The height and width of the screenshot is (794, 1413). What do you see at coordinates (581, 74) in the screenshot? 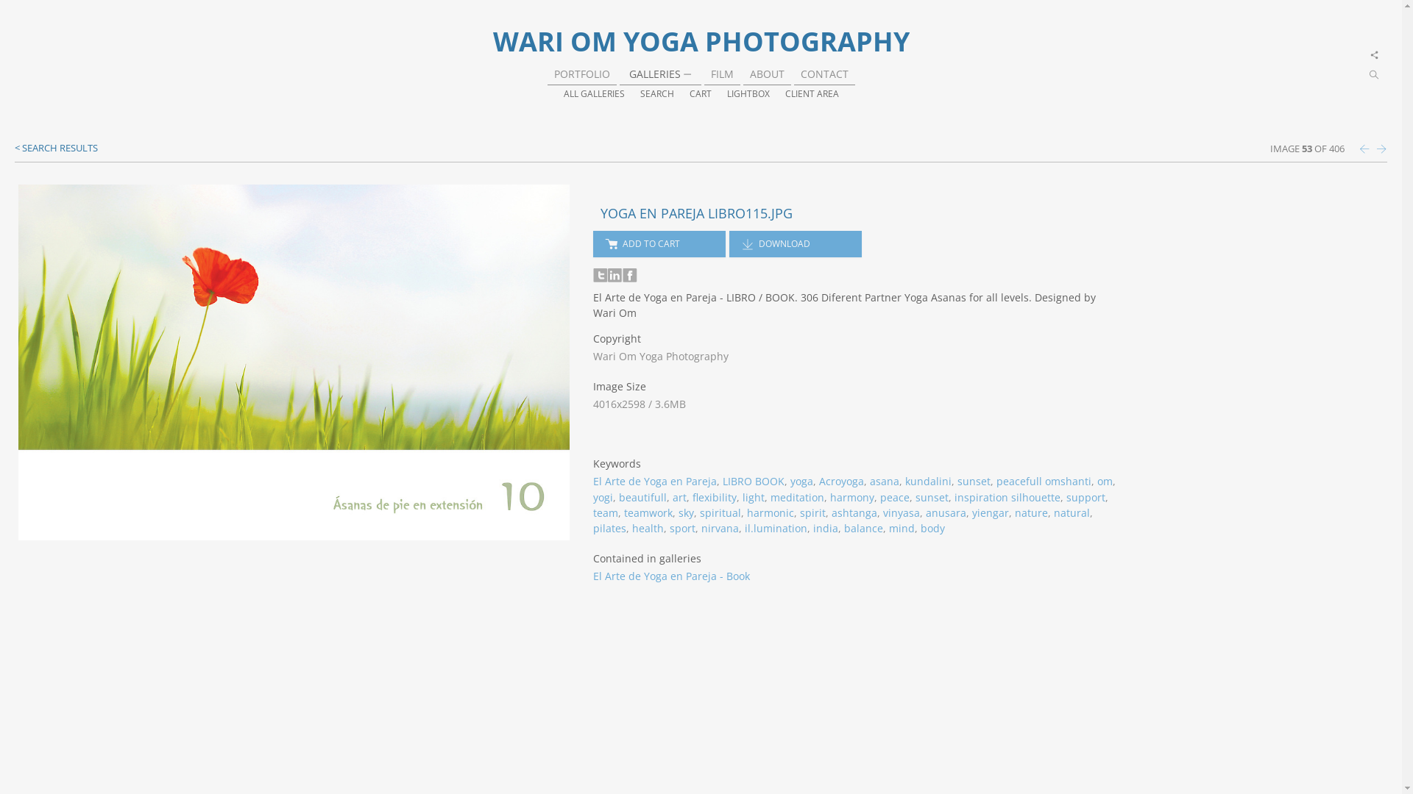
I see `'PORTFOLIO'` at bounding box center [581, 74].